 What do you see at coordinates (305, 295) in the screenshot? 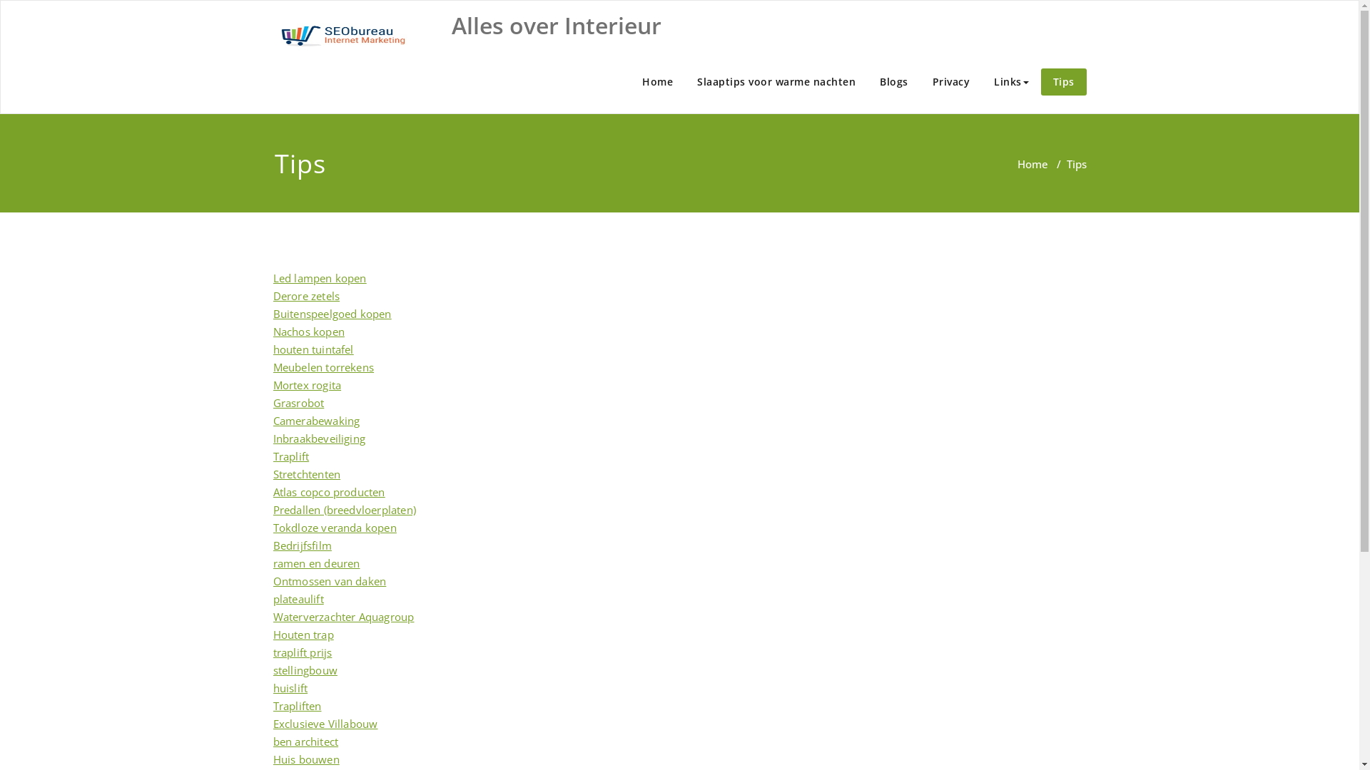
I see `'Derore zetels'` at bounding box center [305, 295].